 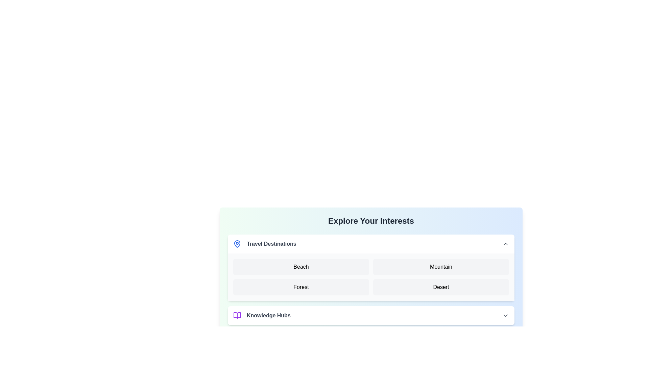 What do you see at coordinates (237, 315) in the screenshot?
I see `the purple 'Knowledge Hubs' icon located at the bottom left of the interface` at bounding box center [237, 315].